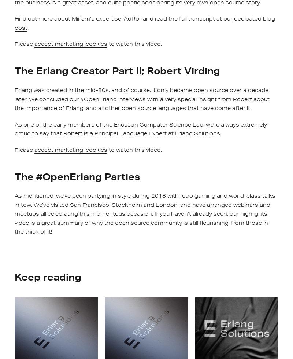  Describe the element at coordinates (28, 27) in the screenshot. I see `'.'` at that location.